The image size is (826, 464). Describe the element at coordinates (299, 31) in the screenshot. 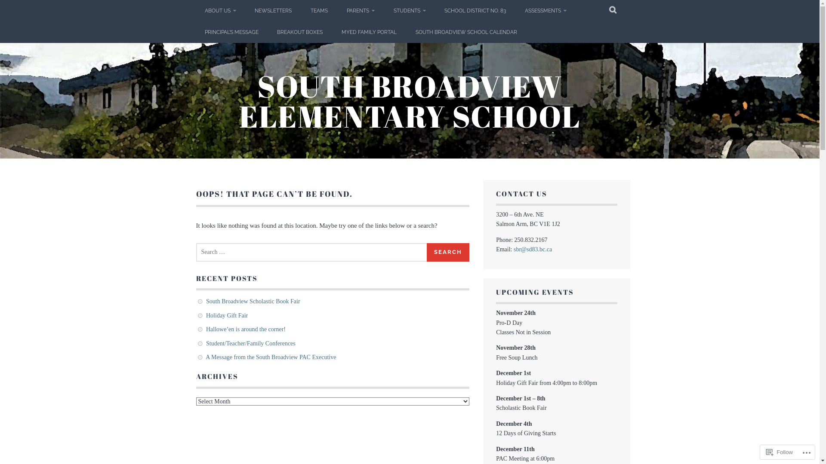

I see `'BREAKOUT BOXES'` at that location.